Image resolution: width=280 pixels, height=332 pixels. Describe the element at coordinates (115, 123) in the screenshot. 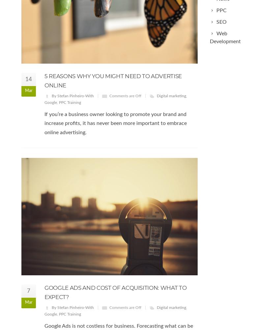

I see `'If you’re a business owner looking to promote your brand and increase profits, it has never been more important to embrace online advertising.'` at that location.